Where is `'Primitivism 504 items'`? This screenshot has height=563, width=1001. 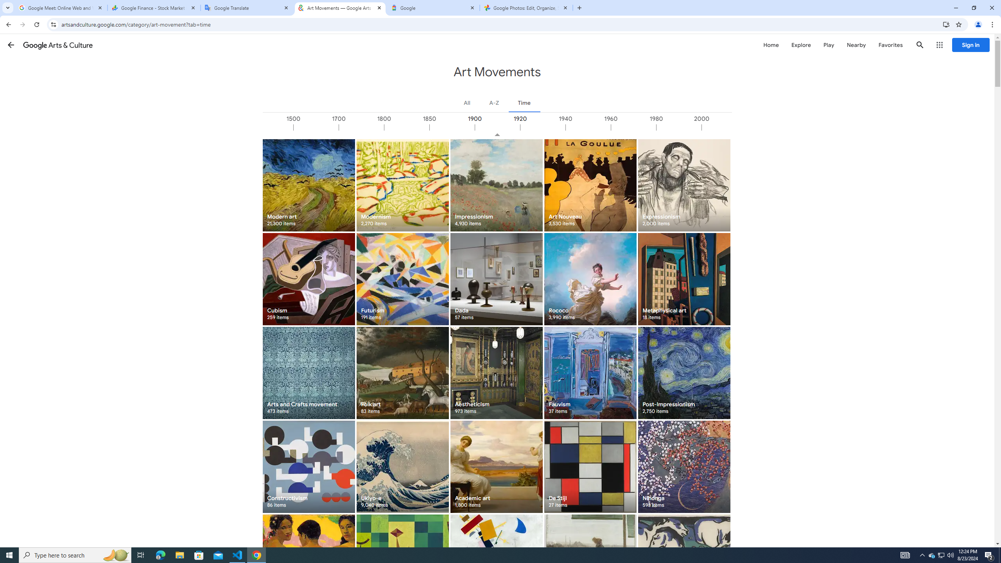
'Primitivism 504 items' is located at coordinates (308, 560).